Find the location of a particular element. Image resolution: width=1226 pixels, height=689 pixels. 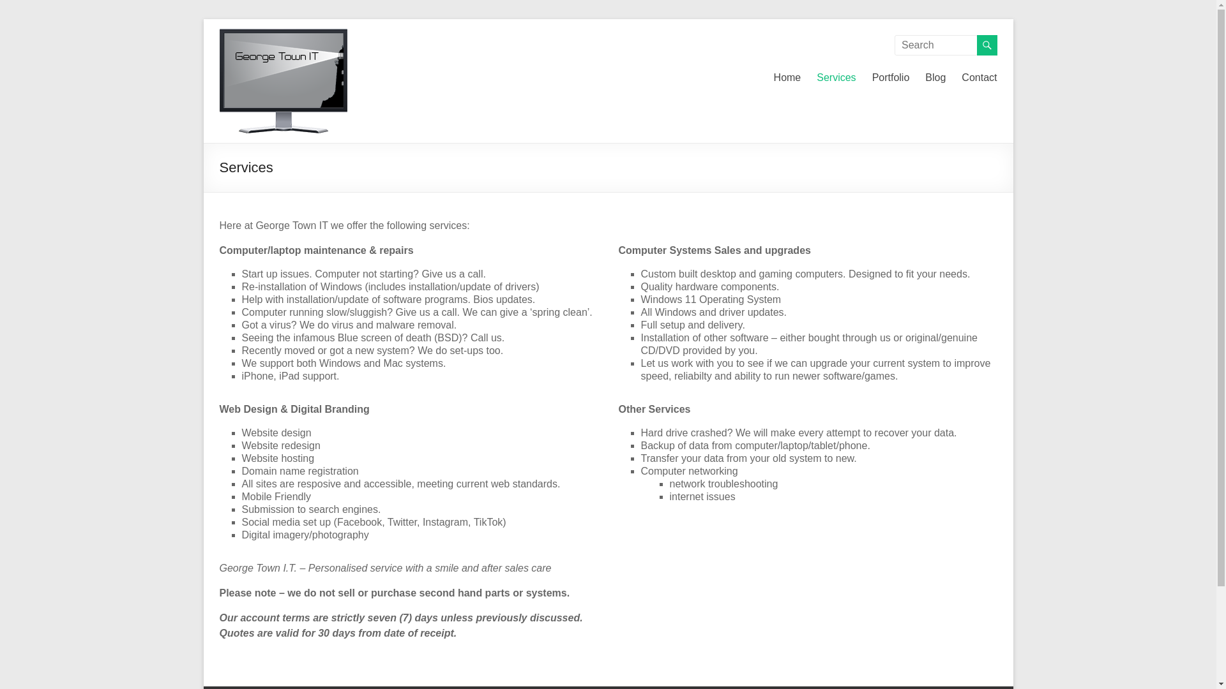

'Blog' is located at coordinates (935, 78).